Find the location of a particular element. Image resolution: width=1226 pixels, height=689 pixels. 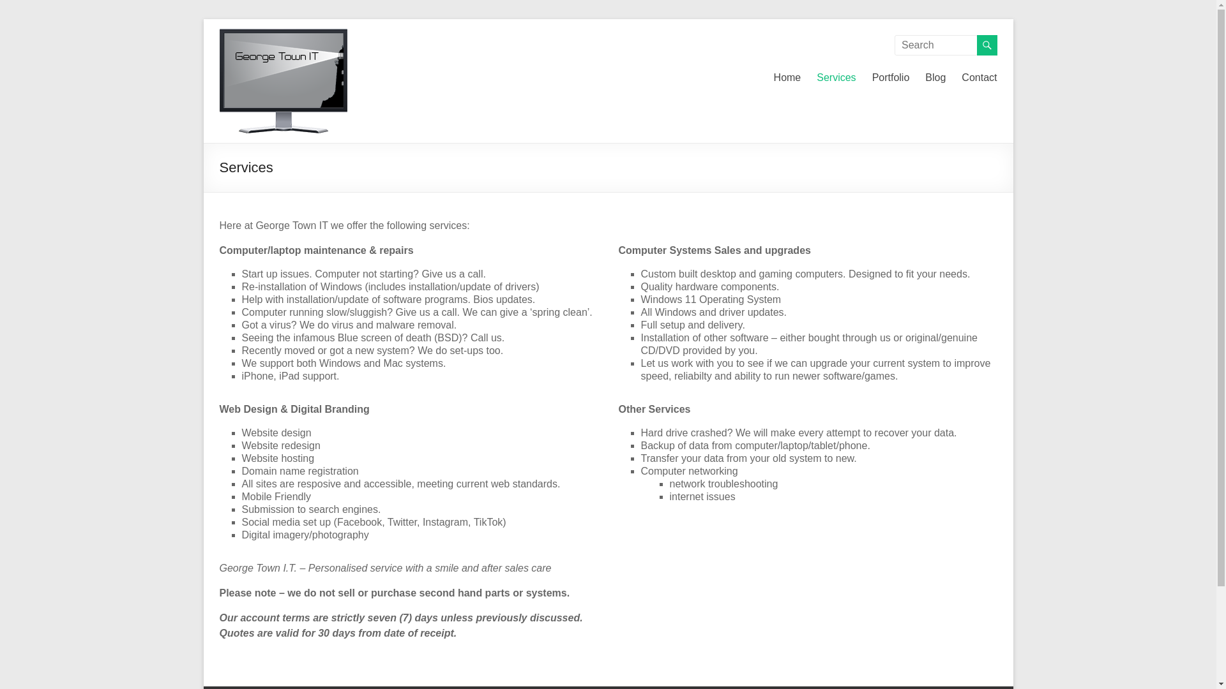

'Blog' is located at coordinates (935, 78).